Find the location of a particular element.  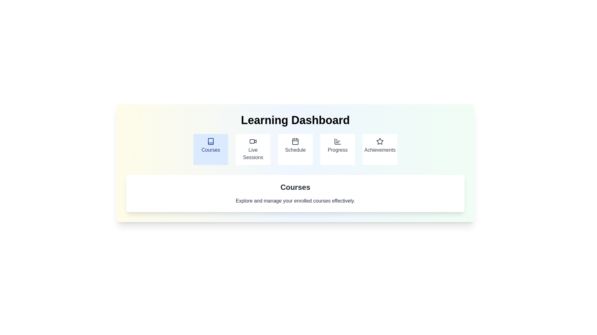

the leftmost card labeled 'Courses' in the horizontal row of navigation cards is located at coordinates (211, 141).